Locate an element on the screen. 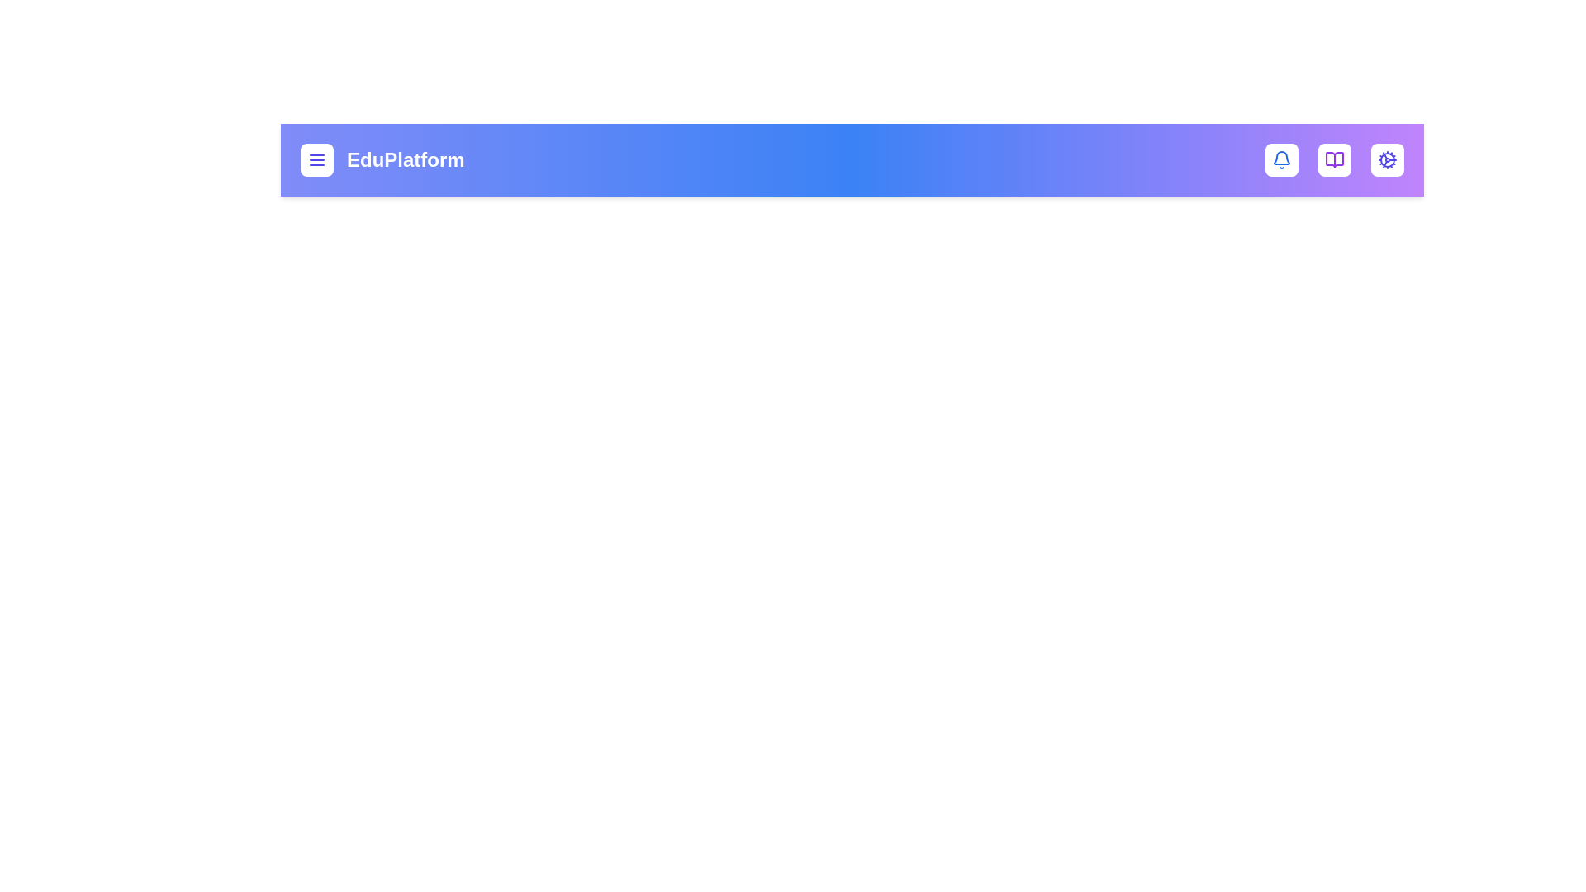 The height and width of the screenshot is (892, 1586). the cog icon to access settings is located at coordinates (1388, 159).